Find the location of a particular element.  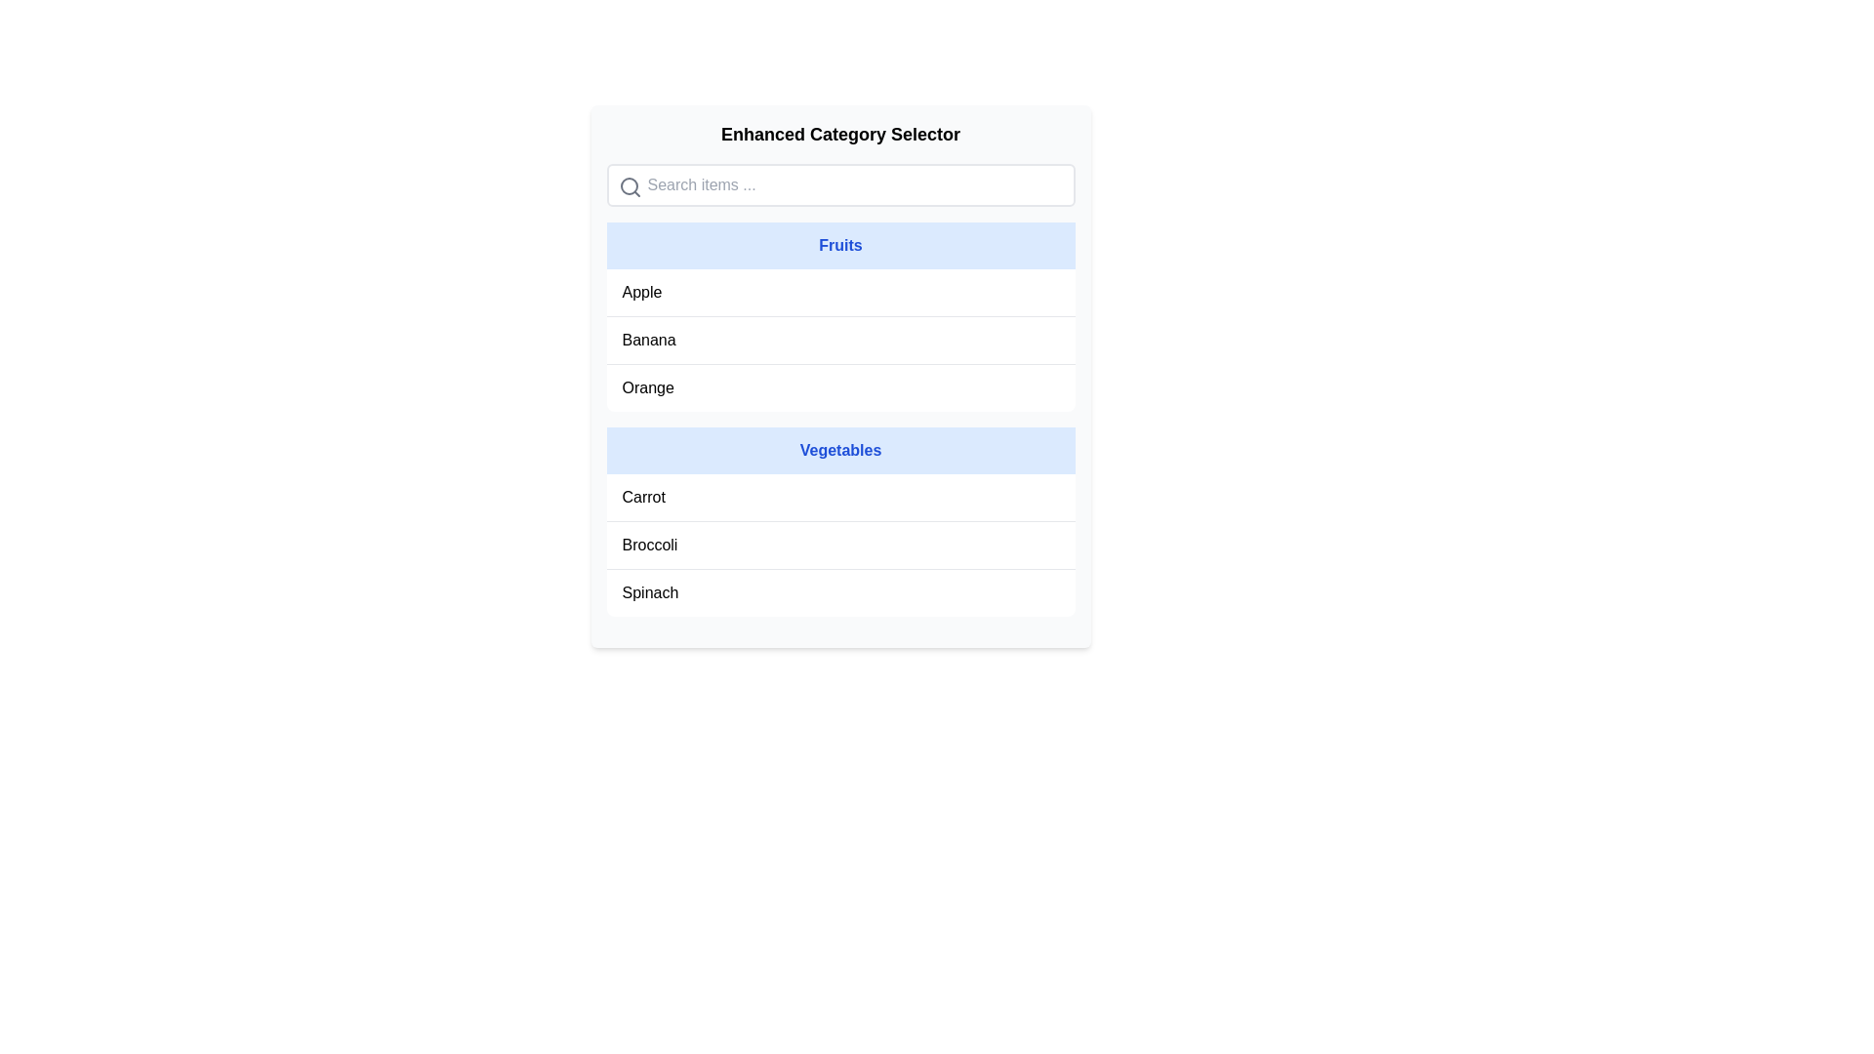

the text label 'Broccoli' located under the 'Vegetables' section of the category list is located at coordinates (649, 546).